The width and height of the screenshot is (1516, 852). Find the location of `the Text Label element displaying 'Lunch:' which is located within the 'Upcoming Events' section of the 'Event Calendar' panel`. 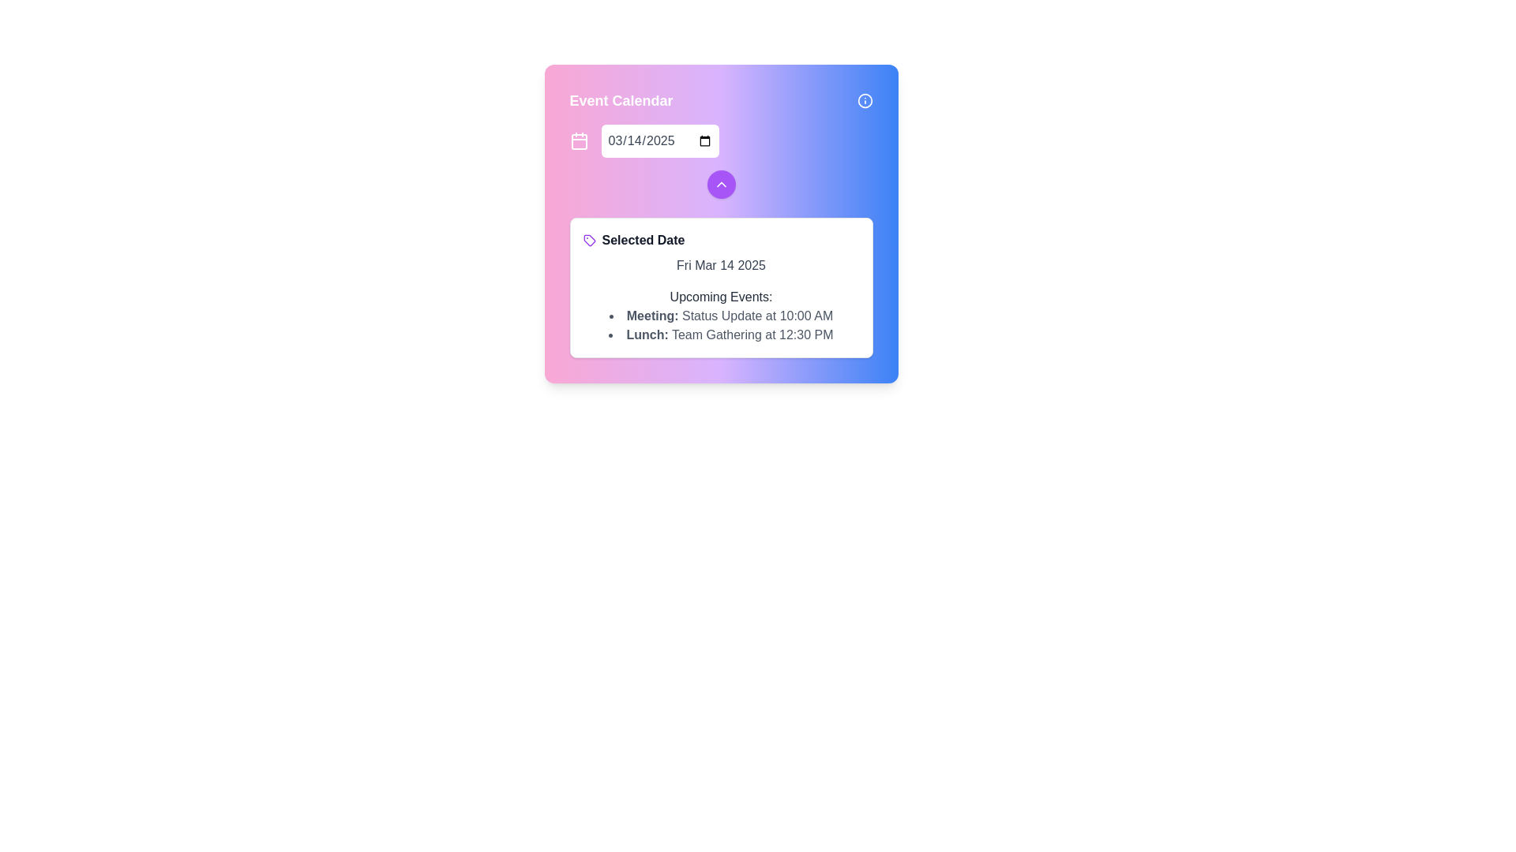

the Text Label element displaying 'Lunch:' which is located within the 'Upcoming Events' section of the 'Event Calendar' panel is located at coordinates (647, 334).